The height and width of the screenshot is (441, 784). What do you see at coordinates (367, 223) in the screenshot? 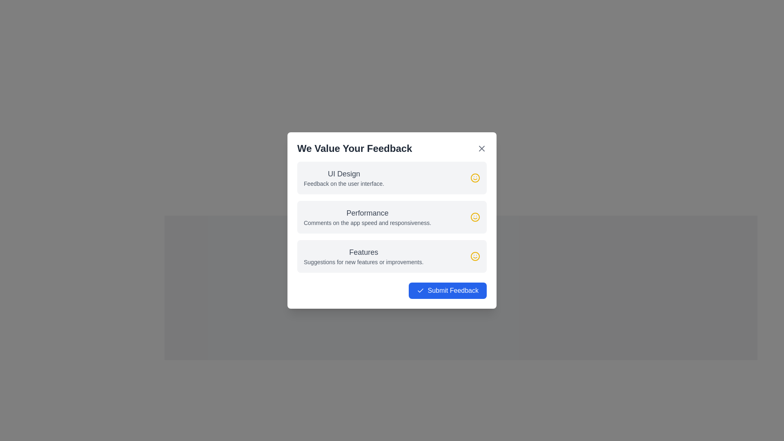
I see `the text label that says 'Comments on the app speed and responsiveness,' which is located directly under the 'Performance' heading in the feedback form dialog` at bounding box center [367, 223].